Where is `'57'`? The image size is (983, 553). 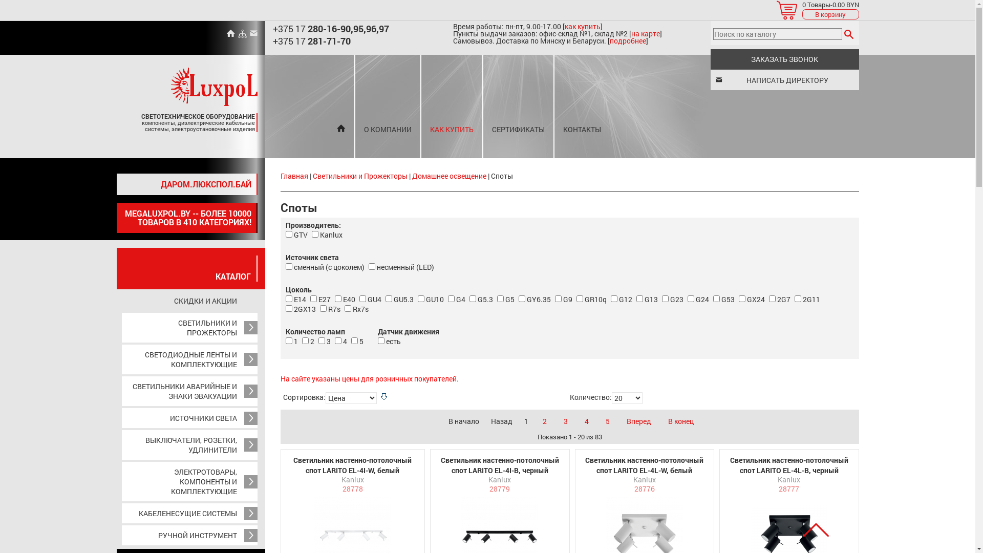 '57' is located at coordinates (321, 341).